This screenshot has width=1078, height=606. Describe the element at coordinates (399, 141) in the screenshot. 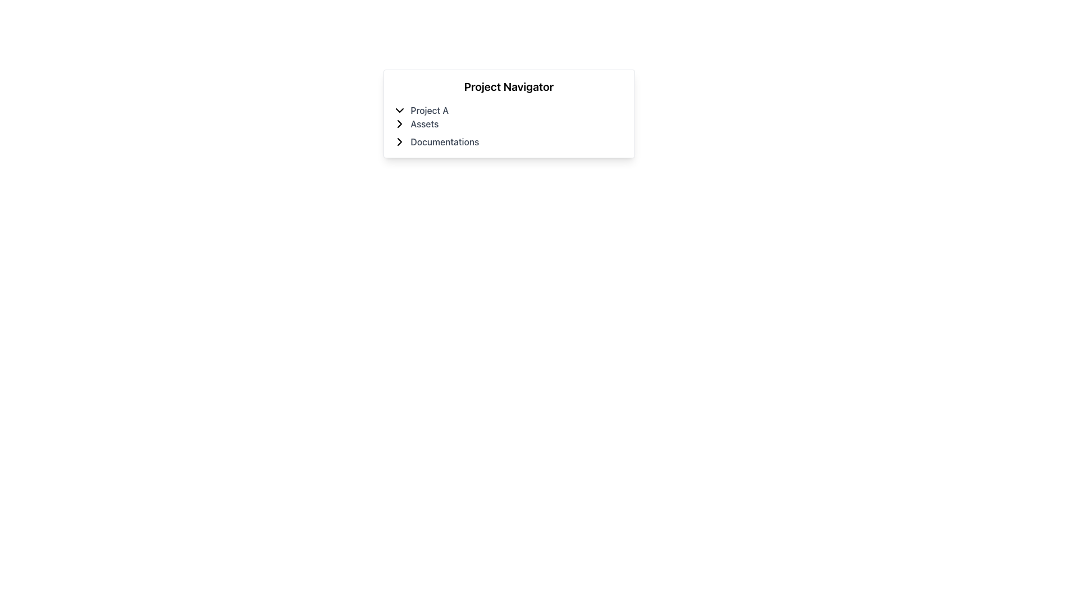

I see `the small right-facing chevron icon, which is styled with a rounded stroke, positioned directly to the left of the text labeled 'Documentations'` at that location.